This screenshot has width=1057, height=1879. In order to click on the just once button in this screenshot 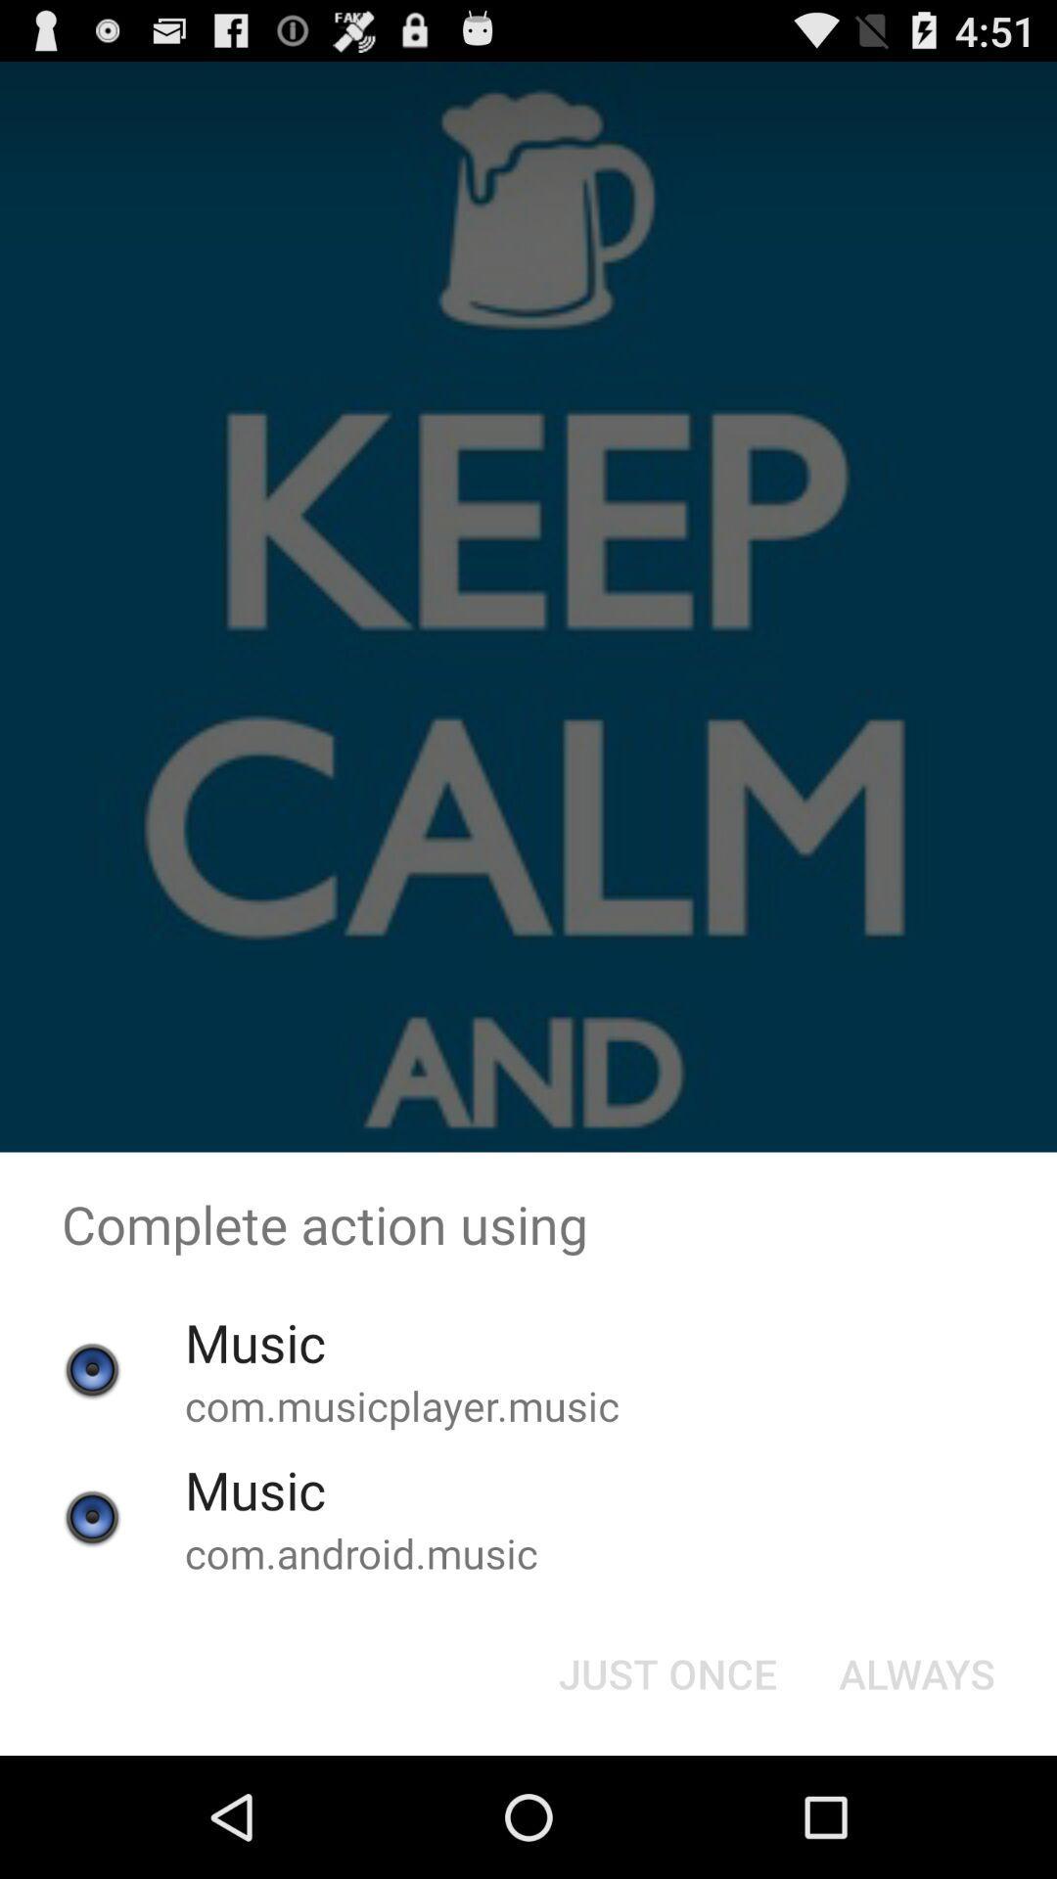, I will do `click(666, 1672)`.